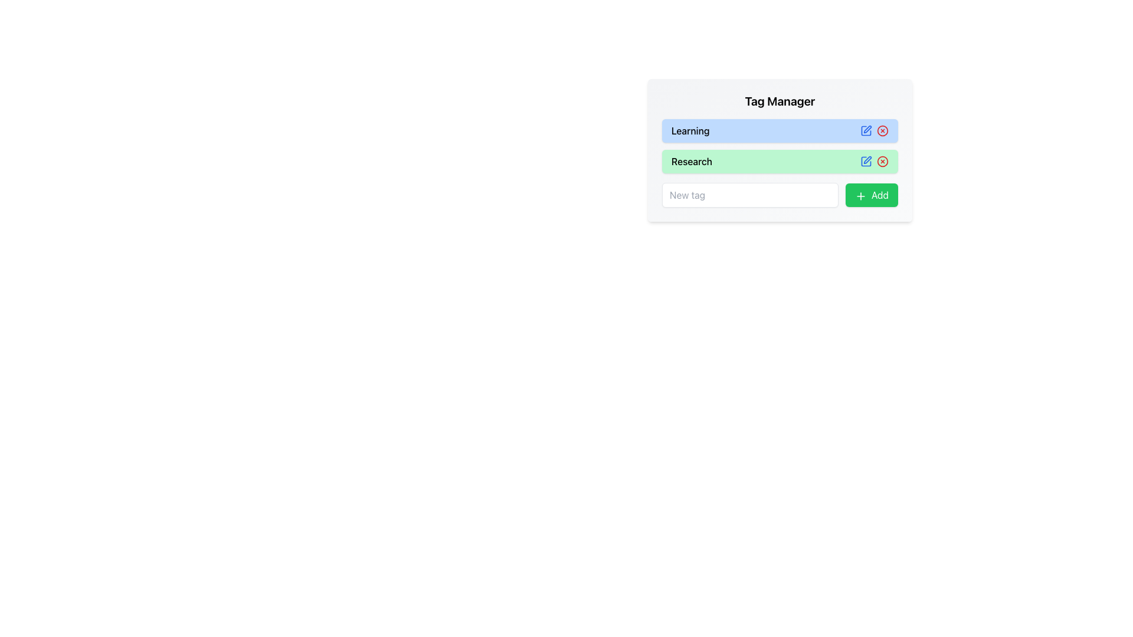  Describe the element at coordinates (866, 161) in the screenshot. I see `the 'edit' icon button located to the right of the green 'Research' tag to change its color` at that location.